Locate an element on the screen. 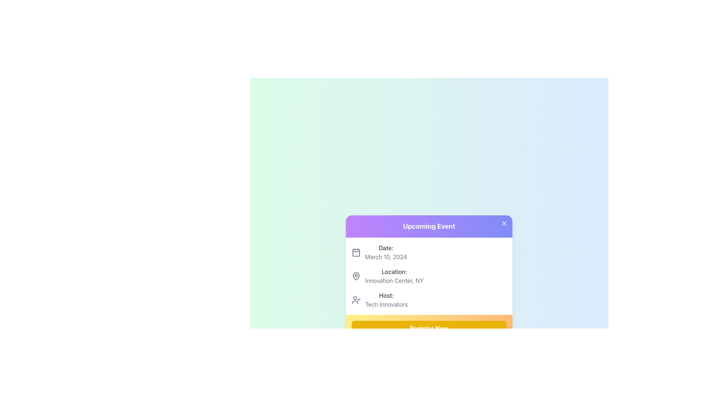 Image resolution: width=714 pixels, height=401 pixels. the close button in the top-right corner of the 'Upcoming Event' card is located at coordinates (504, 223).